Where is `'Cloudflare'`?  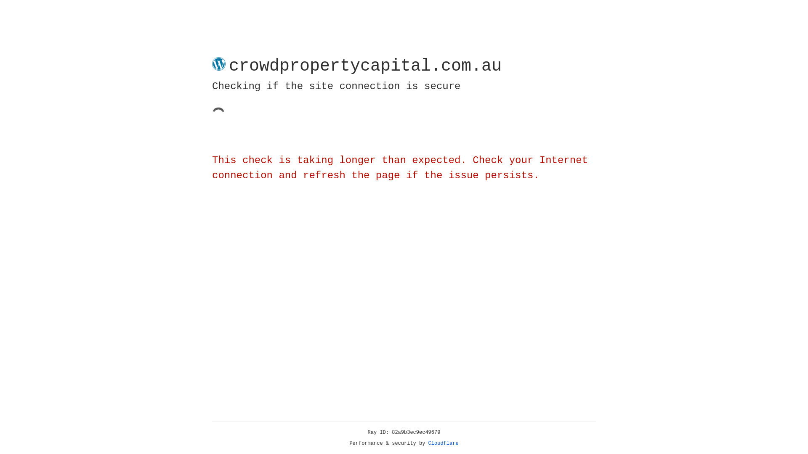
'Cloudflare' is located at coordinates (443, 443).